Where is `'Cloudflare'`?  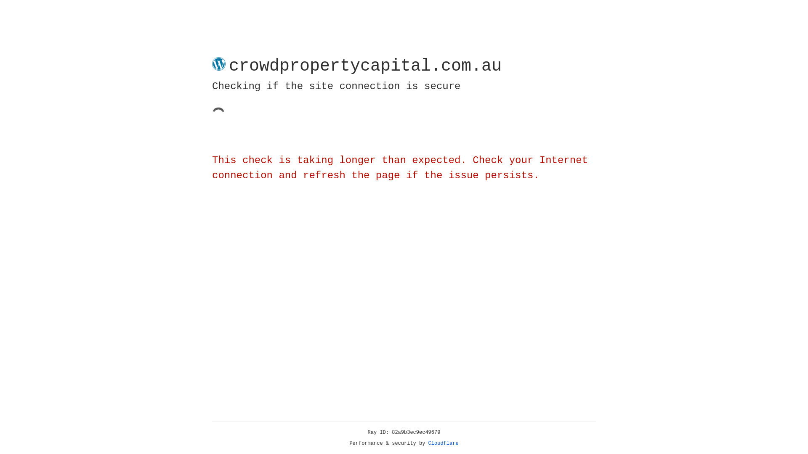
'Cloudflare' is located at coordinates (443, 443).